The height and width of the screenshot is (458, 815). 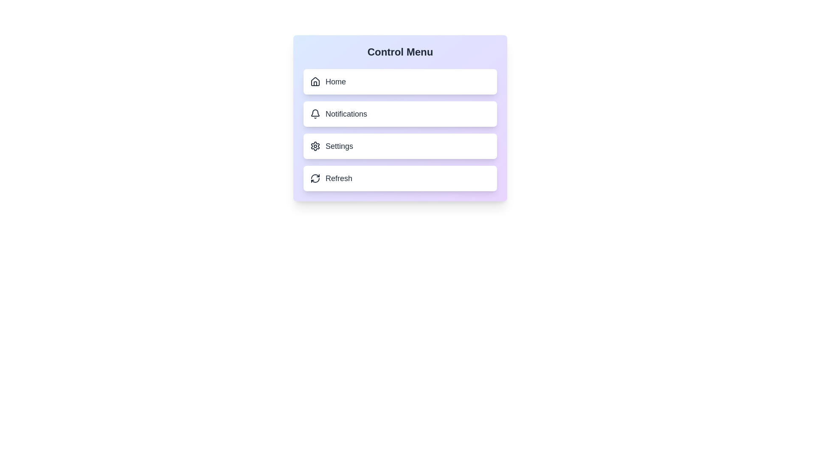 I want to click on the menu option Settings to observe the hover effects, so click(x=399, y=145).